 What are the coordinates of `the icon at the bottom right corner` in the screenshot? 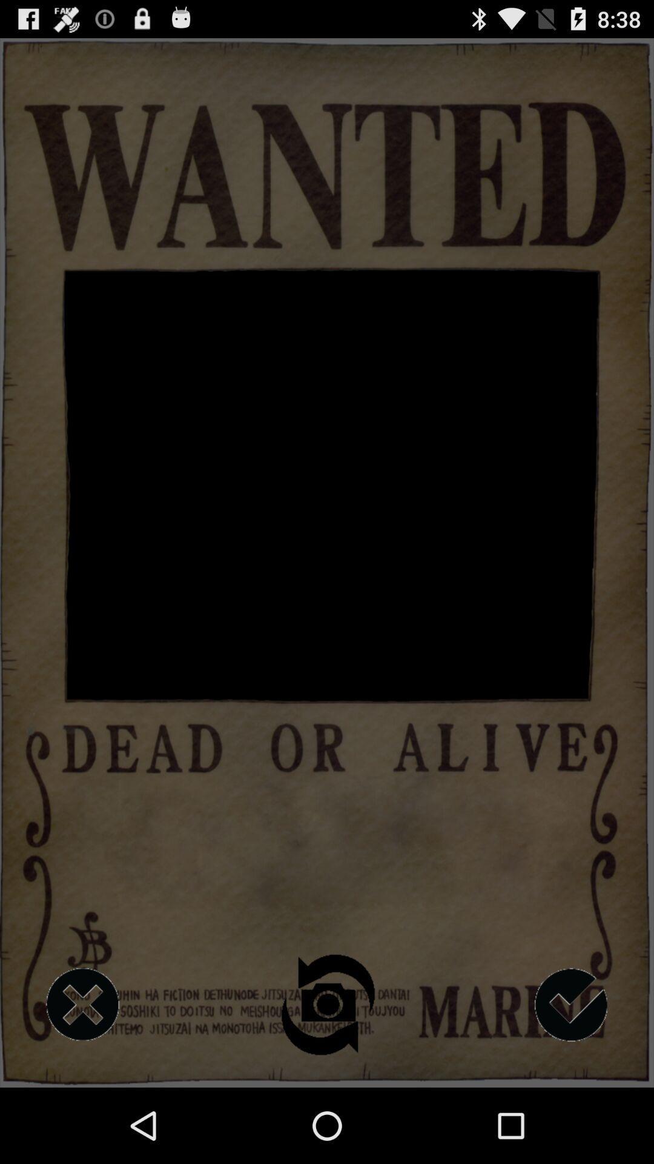 It's located at (571, 1005).